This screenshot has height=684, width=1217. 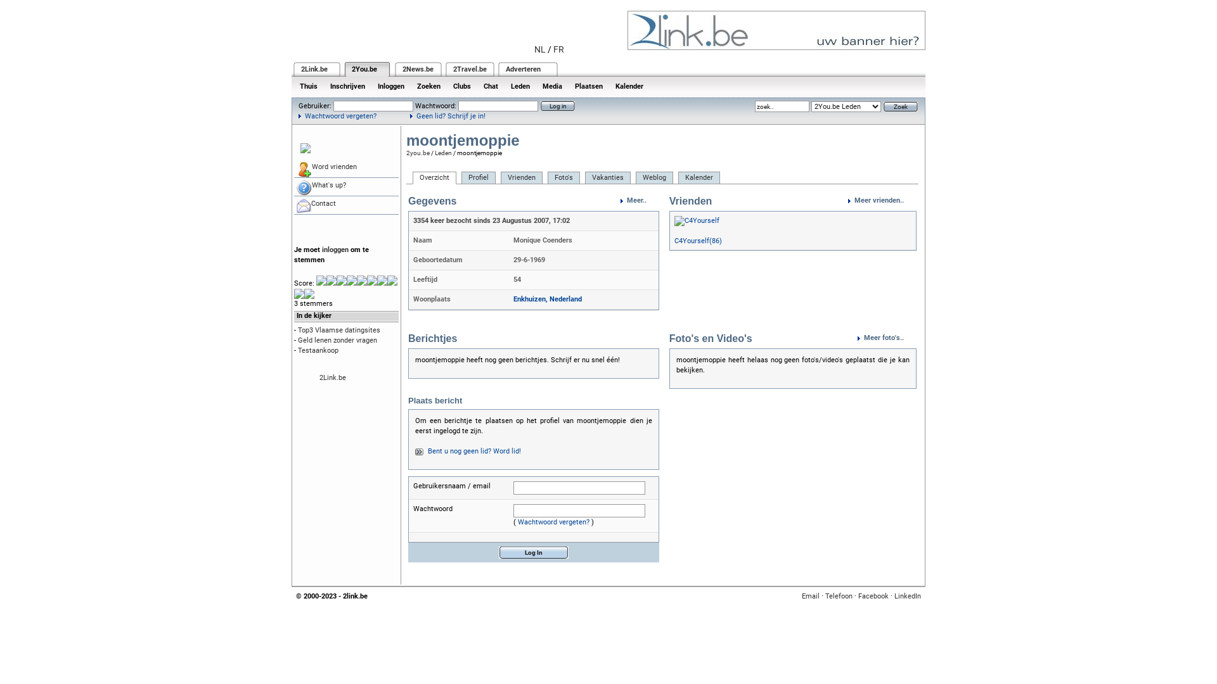 What do you see at coordinates (523, 69) in the screenshot?
I see `'Adverteren'` at bounding box center [523, 69].